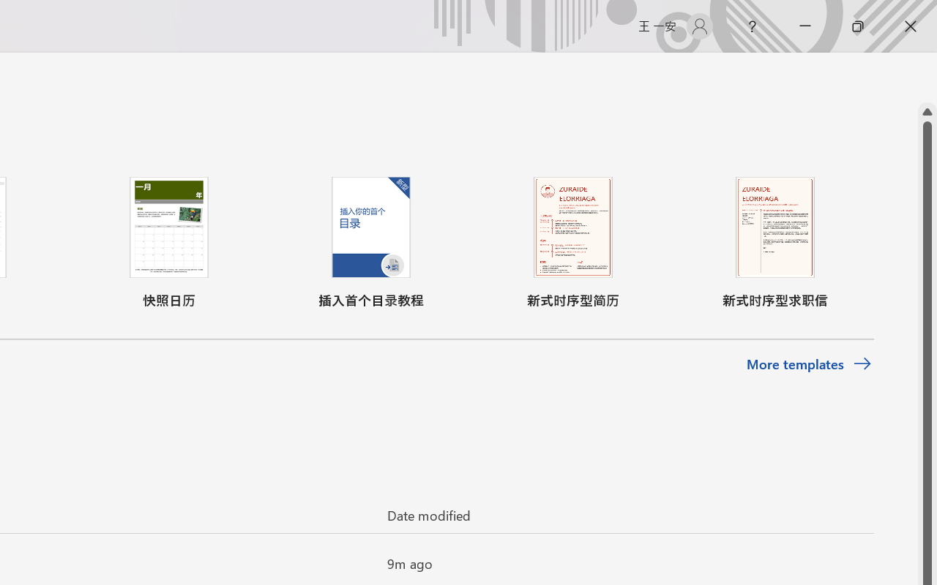 This screenshot has height=585, width=937. Describe the element at coordinates (805, 26) in the screenshot. I see `'Minimize'` at that location.